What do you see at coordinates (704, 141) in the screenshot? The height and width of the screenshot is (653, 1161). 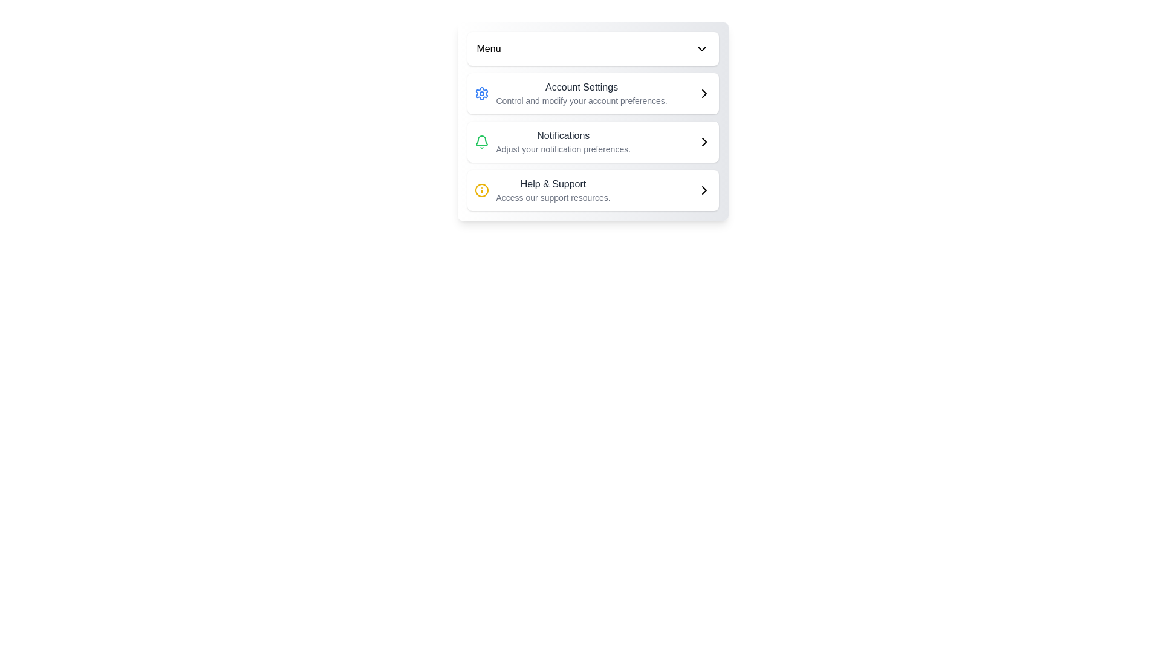 I see `the right-facing chevron icon located at the rightmost side of the 'Notifications' row in the menu list` at bounding box center [704, 141].